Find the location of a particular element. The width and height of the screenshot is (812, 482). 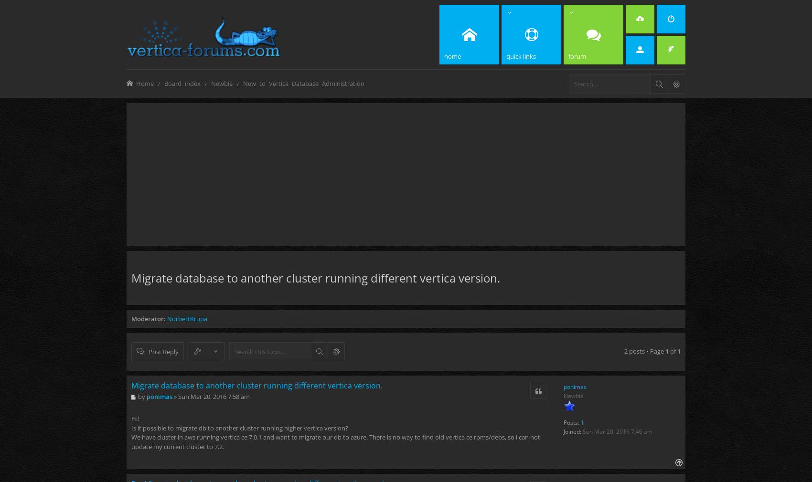

'Hi!' is located at coordinates (135, 418).